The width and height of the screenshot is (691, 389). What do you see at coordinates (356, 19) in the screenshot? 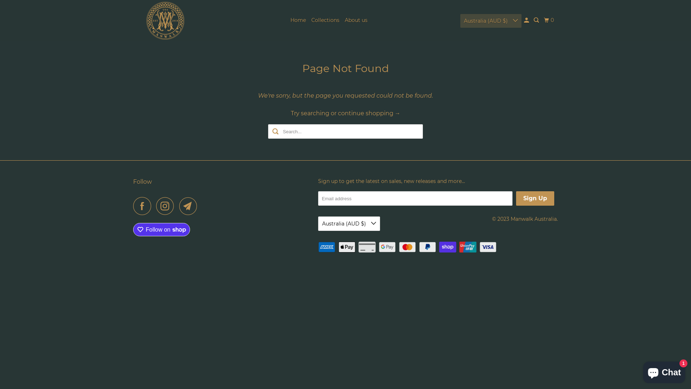
I see `'About us'` at bounding box center [356, 19].